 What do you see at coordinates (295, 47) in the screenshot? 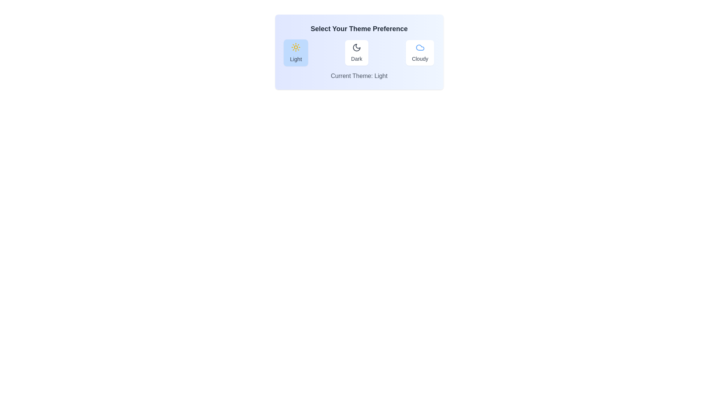
I see `the icon representing the Light theme` at bounding box center [295, 47].